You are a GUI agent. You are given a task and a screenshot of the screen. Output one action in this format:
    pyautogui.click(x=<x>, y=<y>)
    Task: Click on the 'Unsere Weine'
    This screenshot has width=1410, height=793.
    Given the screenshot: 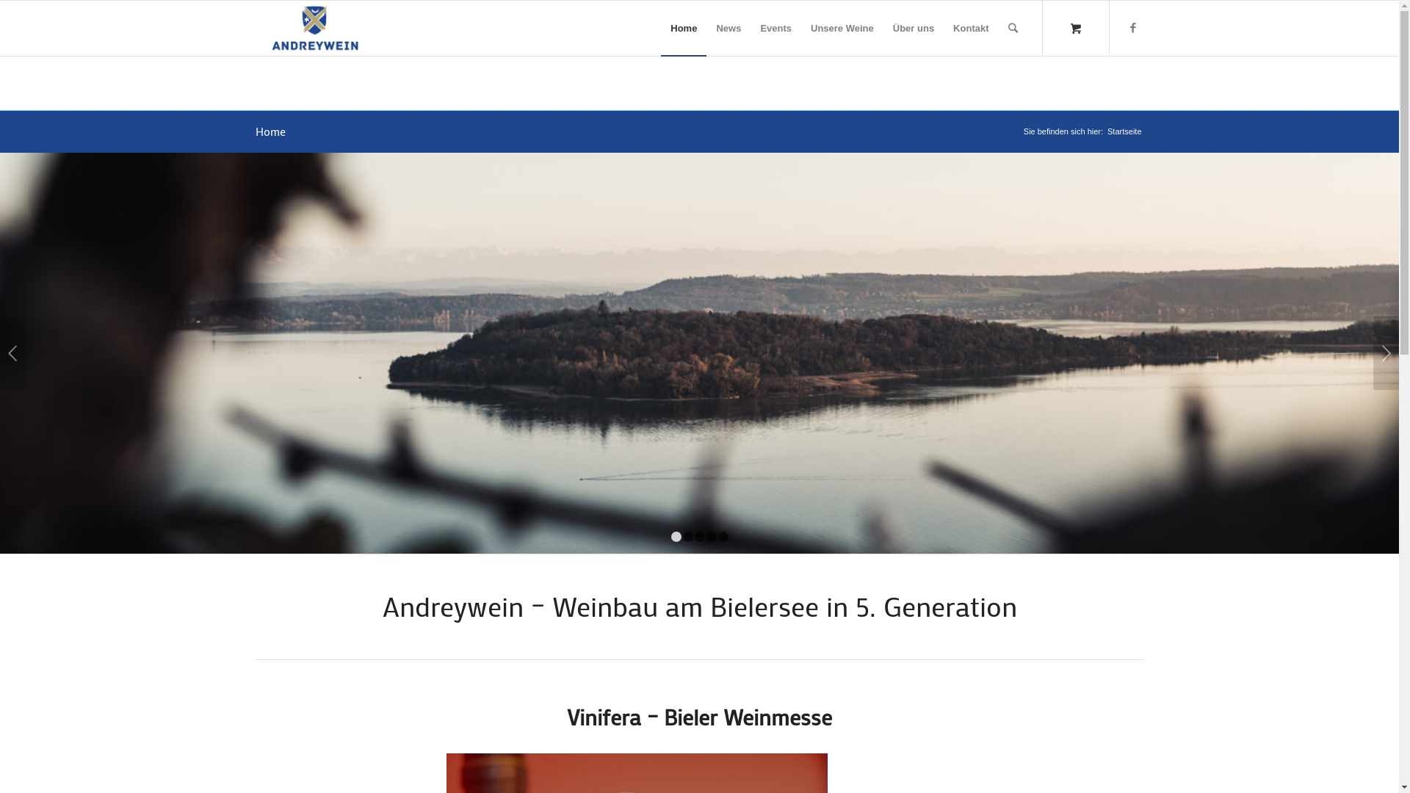 What is the action you would take?
    pyautogui.click(x=842, y=28)
    